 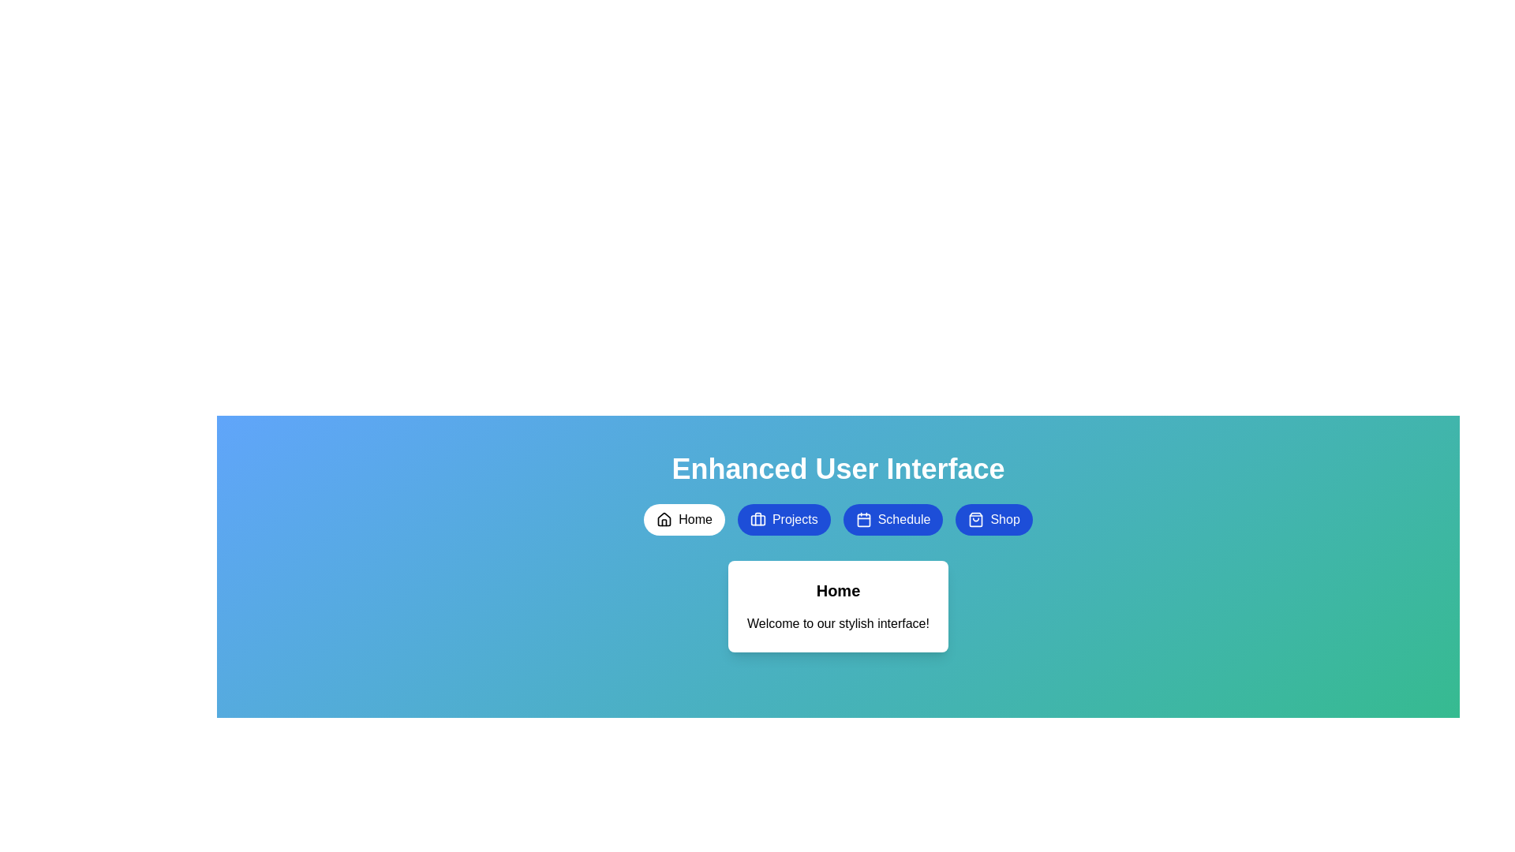 What do you see at coordinates (784, 520) in the screenshot?
I see `the button labeled Projects to observe the hover effect` at bounding box center [784, 520].